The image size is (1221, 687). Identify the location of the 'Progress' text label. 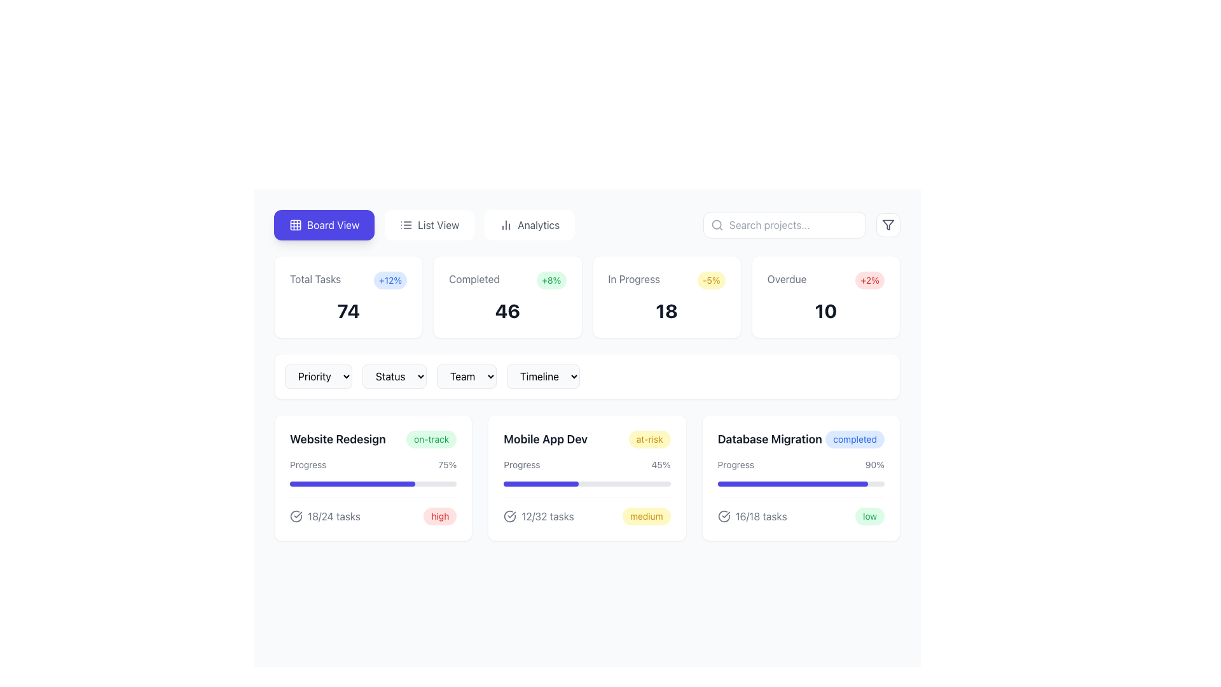
(308, 465).